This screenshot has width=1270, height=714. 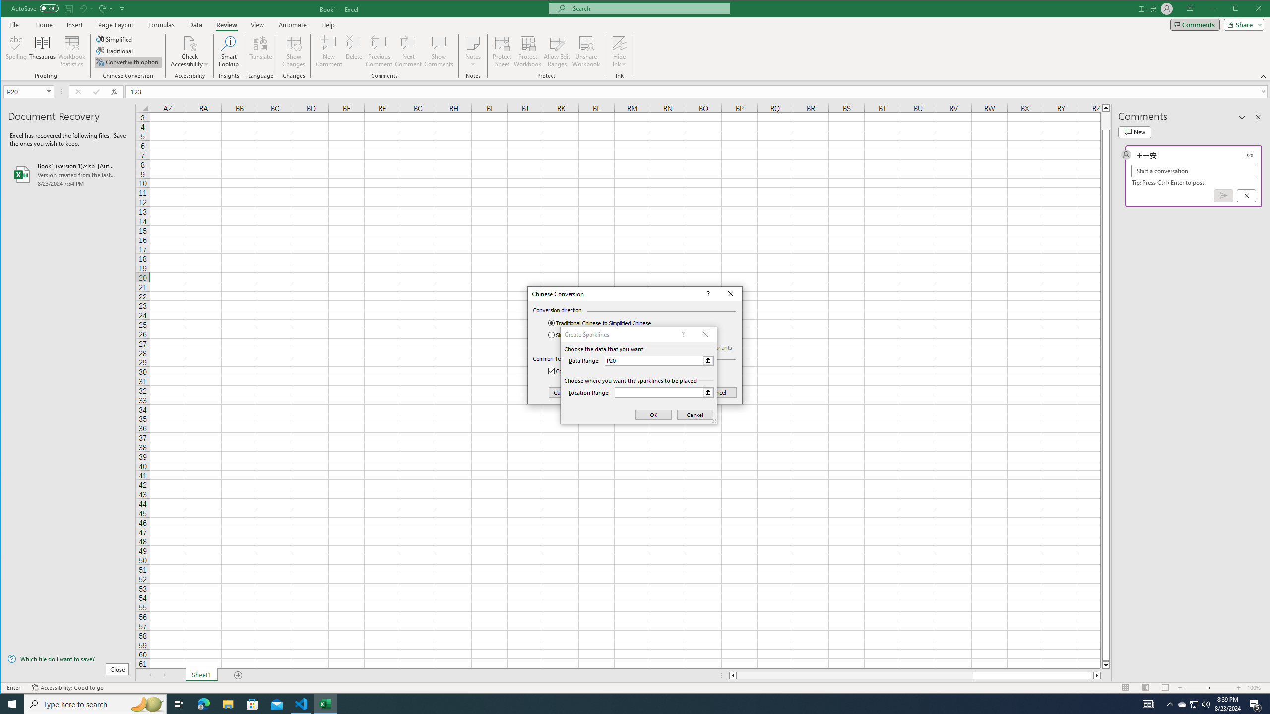 What do you see at coordinates (718, 393) in the screenshot?
I see `'Cancel'` at bounding box center [718, 393].